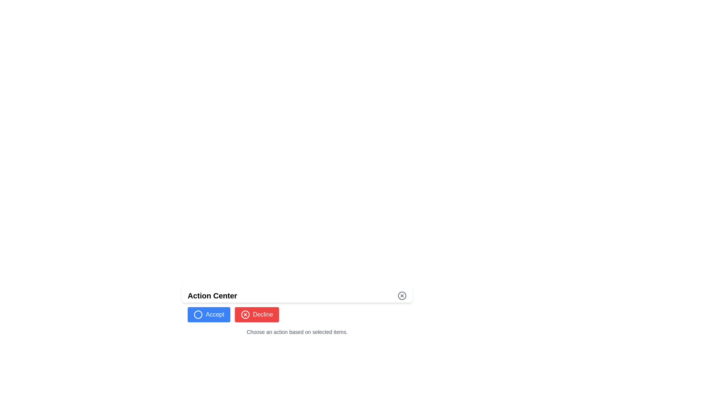  What do you see at coordinates (402, 295) in the screenshot?
I see `the SVG circle component that serves as the circular base for the close icon in the top-right corner of the 'Action Center' area` at bounding box center [402, 295].